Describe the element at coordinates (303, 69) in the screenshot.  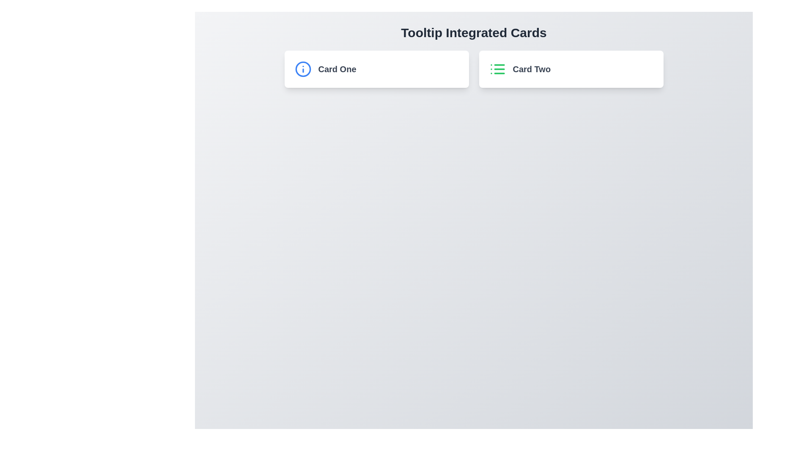
I see `the circular blue outline of the 'info' icon located inside the left card labeled 'Card One' at the top of the interface, positioned to the left of the text 'Card One'` at that location.